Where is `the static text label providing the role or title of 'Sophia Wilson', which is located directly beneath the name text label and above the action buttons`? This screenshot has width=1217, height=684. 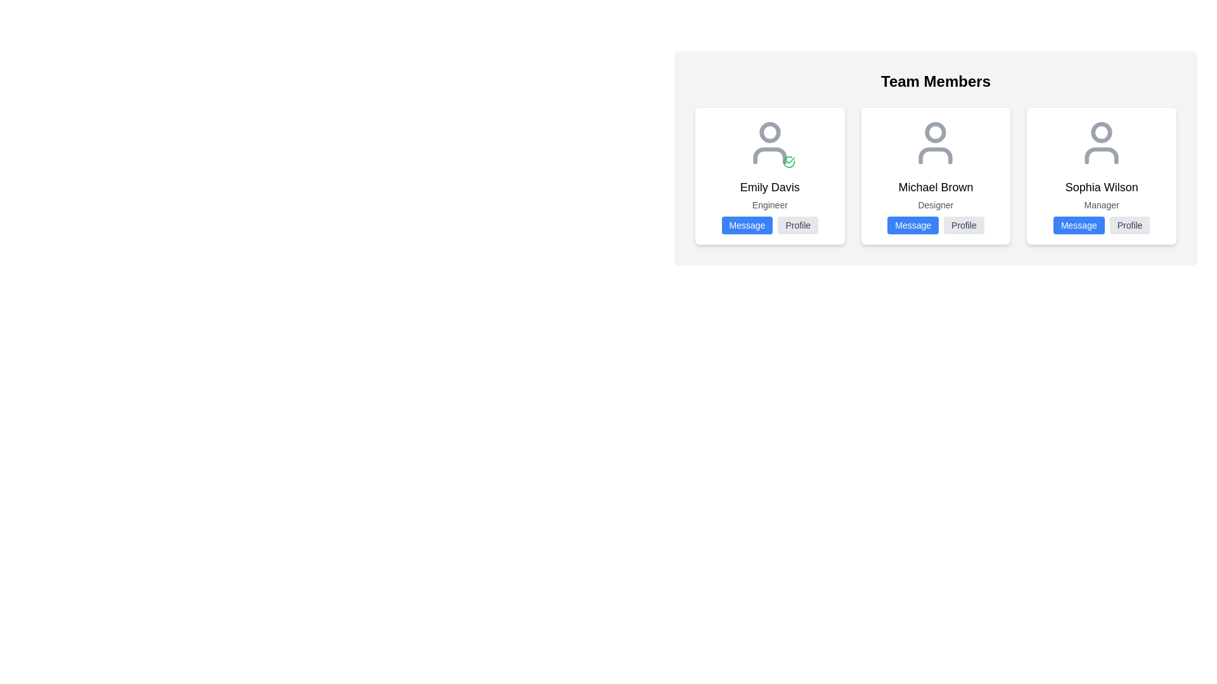
the static text label providing the role or title of 'Sophia Wilson', which is located directly beneath the name text label and above the action buttons is located at coordinates (1101, 205).